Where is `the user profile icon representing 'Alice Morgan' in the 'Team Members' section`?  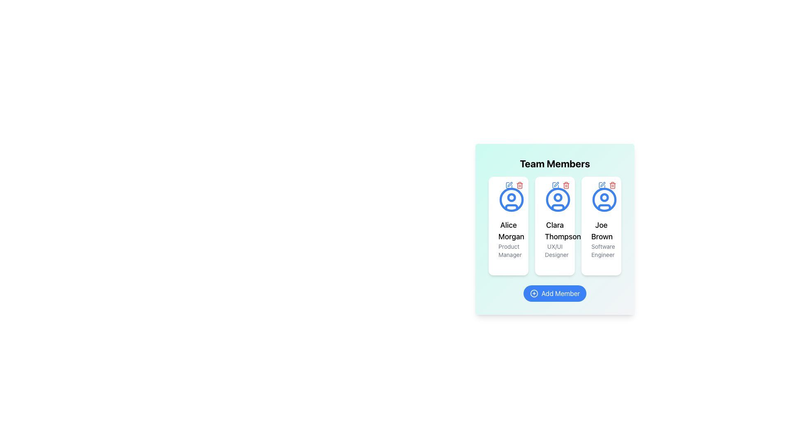 the user profile icon representing 'Alice Morgan' in the 'Team Members' section is located at coordinates (511, 200).